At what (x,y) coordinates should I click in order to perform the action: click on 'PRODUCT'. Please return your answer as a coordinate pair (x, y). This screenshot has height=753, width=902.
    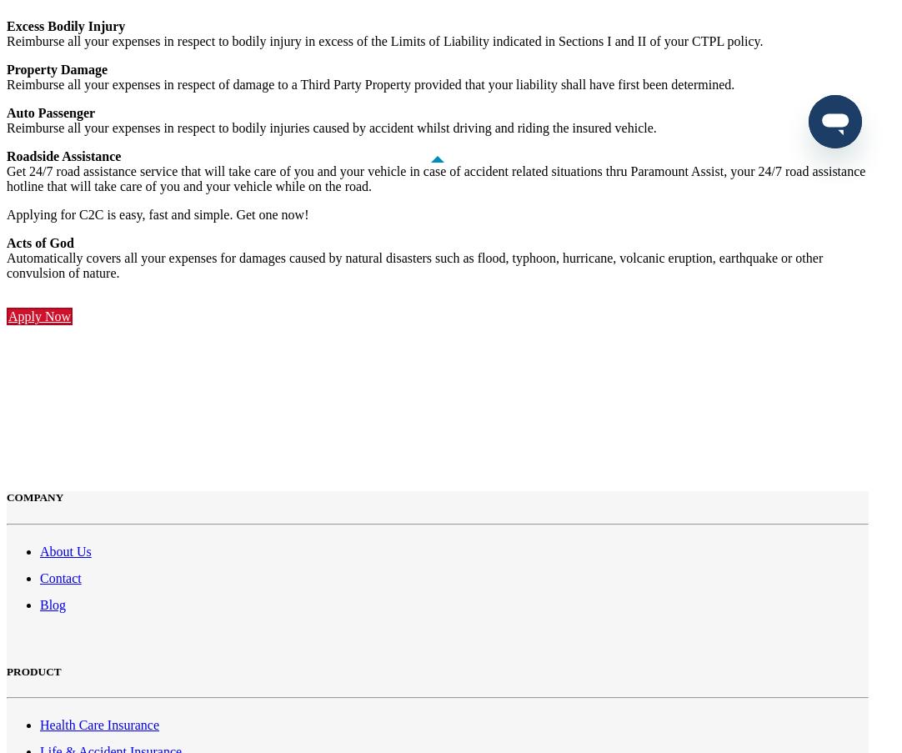
    Looking at the image, I should click on (33, 670).